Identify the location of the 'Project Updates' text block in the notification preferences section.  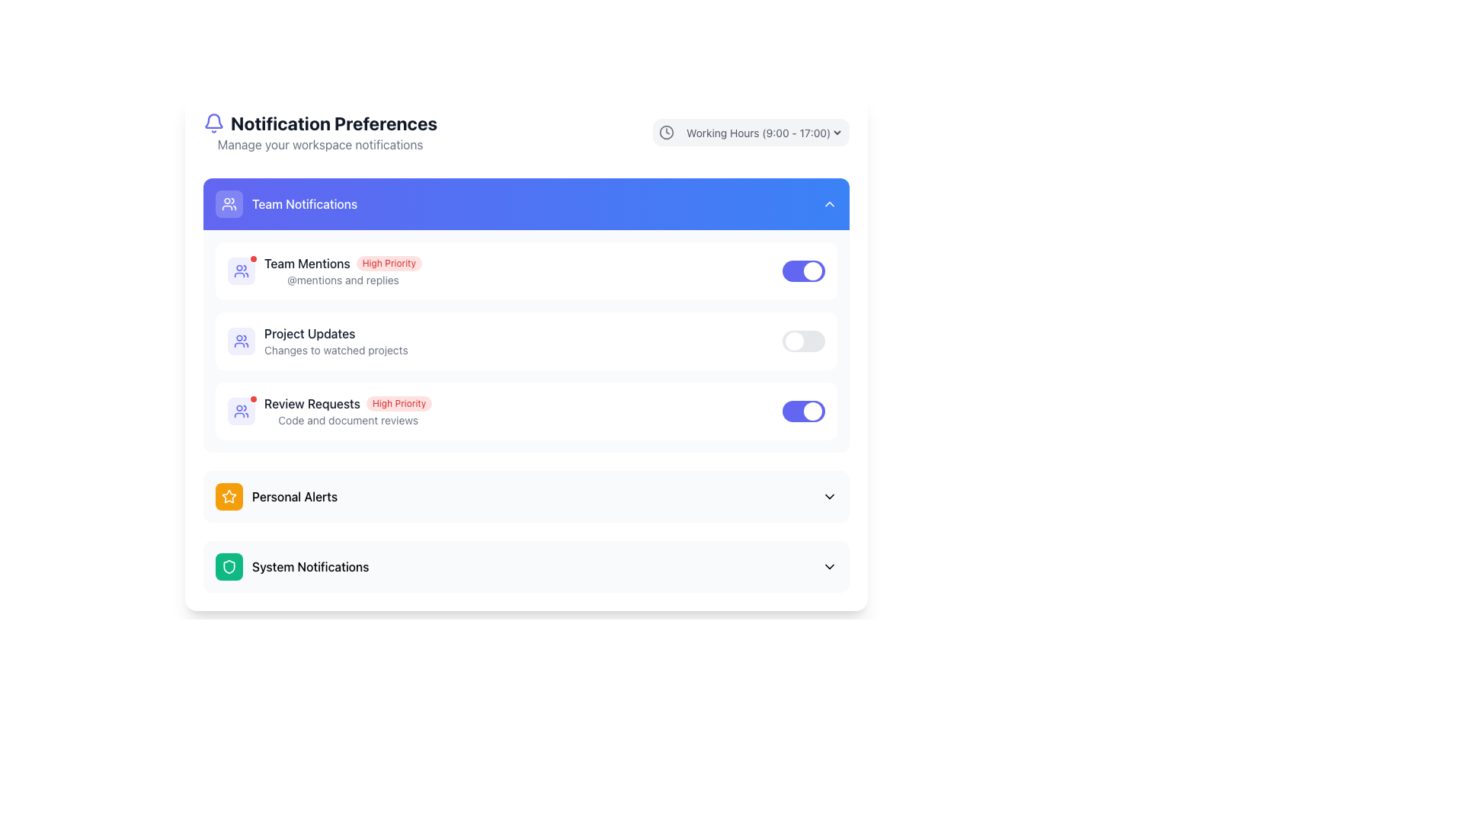
(335, 340).